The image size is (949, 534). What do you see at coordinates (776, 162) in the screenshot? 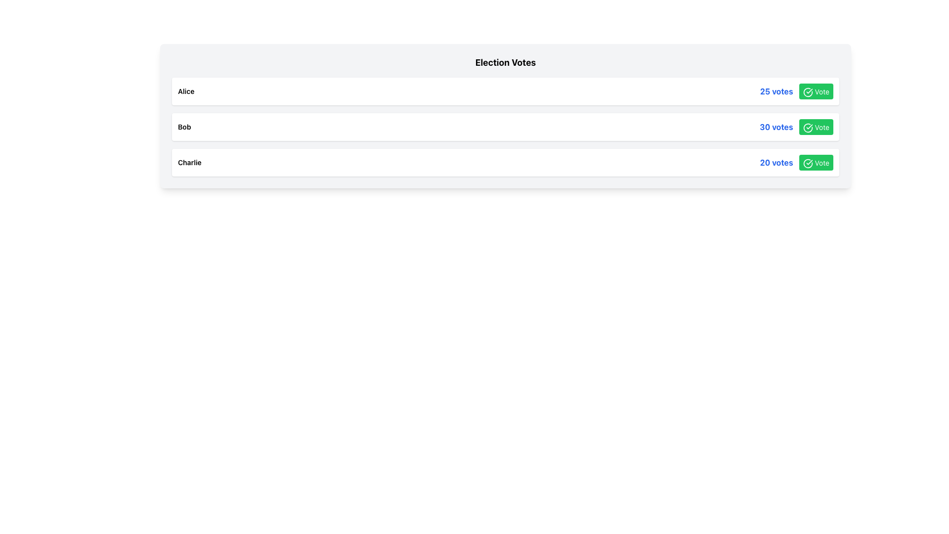
I see `the text label that reads '20 votes', which is styled in bold blue font and is located to the left of the 'Vote' button in the third row of the vote count elements` at bounding box center [776, 162].